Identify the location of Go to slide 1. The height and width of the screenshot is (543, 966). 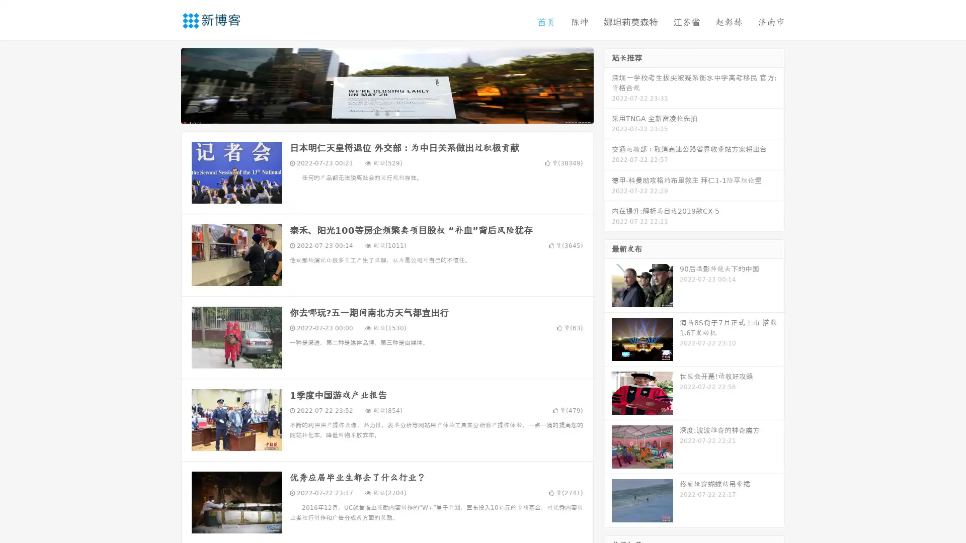
(376, 113).